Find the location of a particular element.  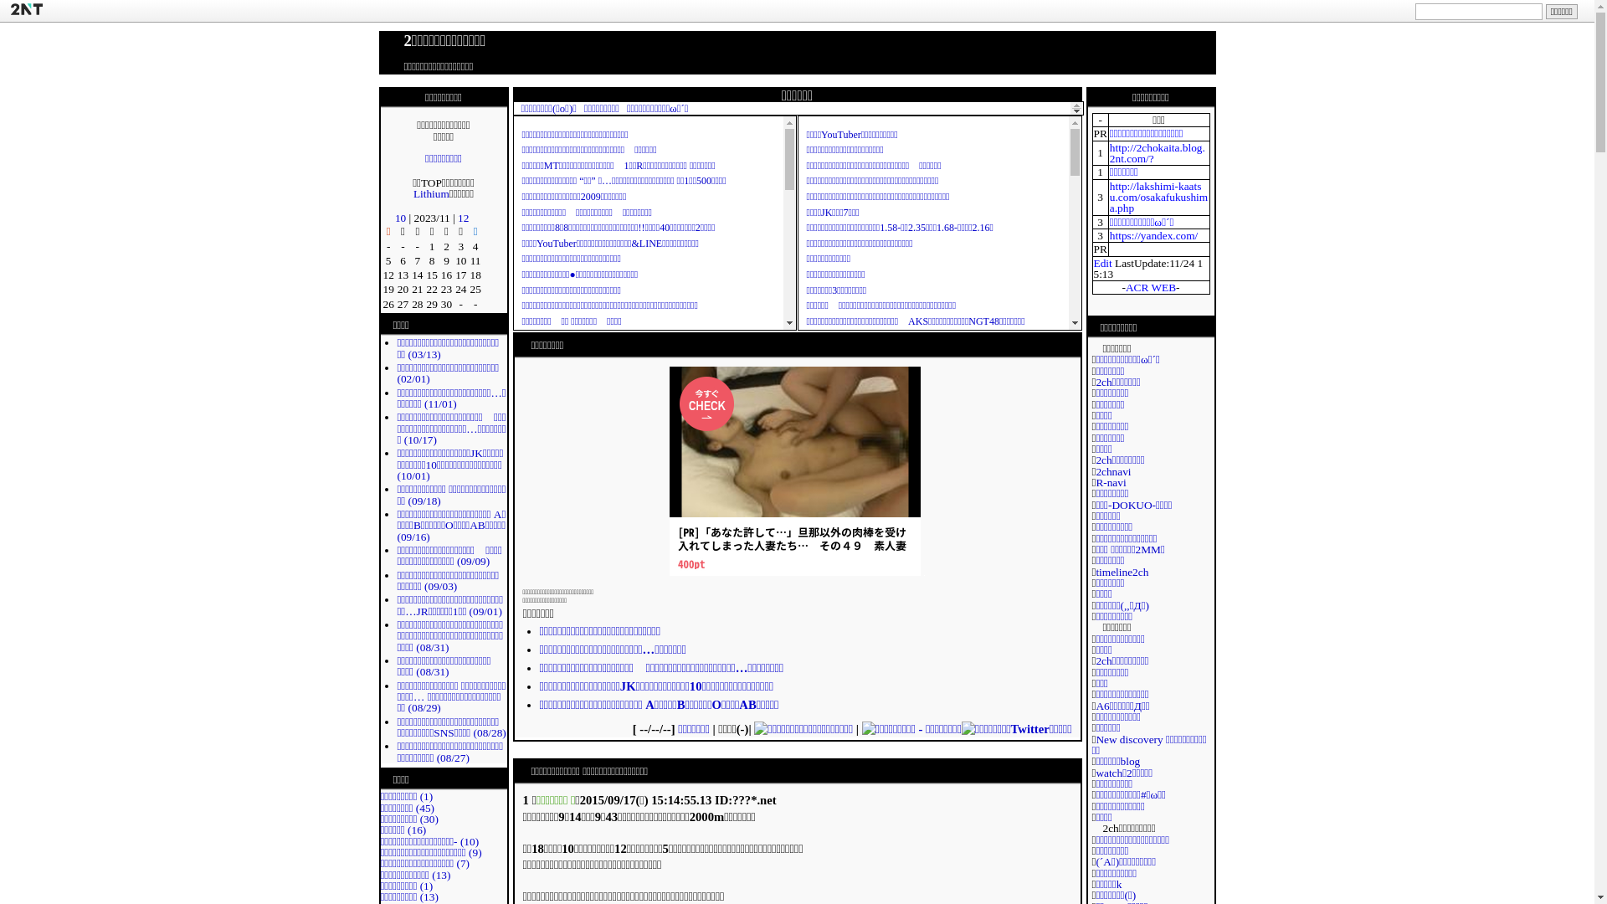

'ACR WEB' is located at coordinates (1149, 286).